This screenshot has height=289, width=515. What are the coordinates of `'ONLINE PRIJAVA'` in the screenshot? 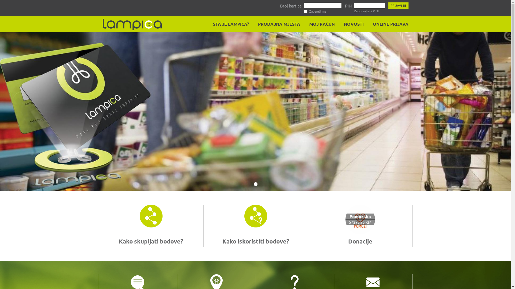 It's located at (369, 24).